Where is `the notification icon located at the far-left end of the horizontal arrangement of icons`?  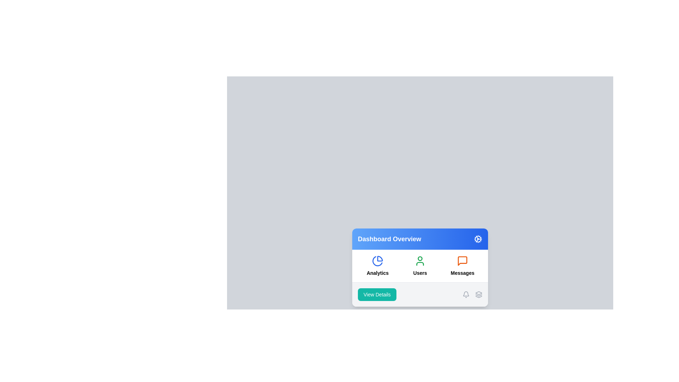
the notification icon located at the far-left end of the horizontal arrangement of icons is located at coordinates (466, 294).